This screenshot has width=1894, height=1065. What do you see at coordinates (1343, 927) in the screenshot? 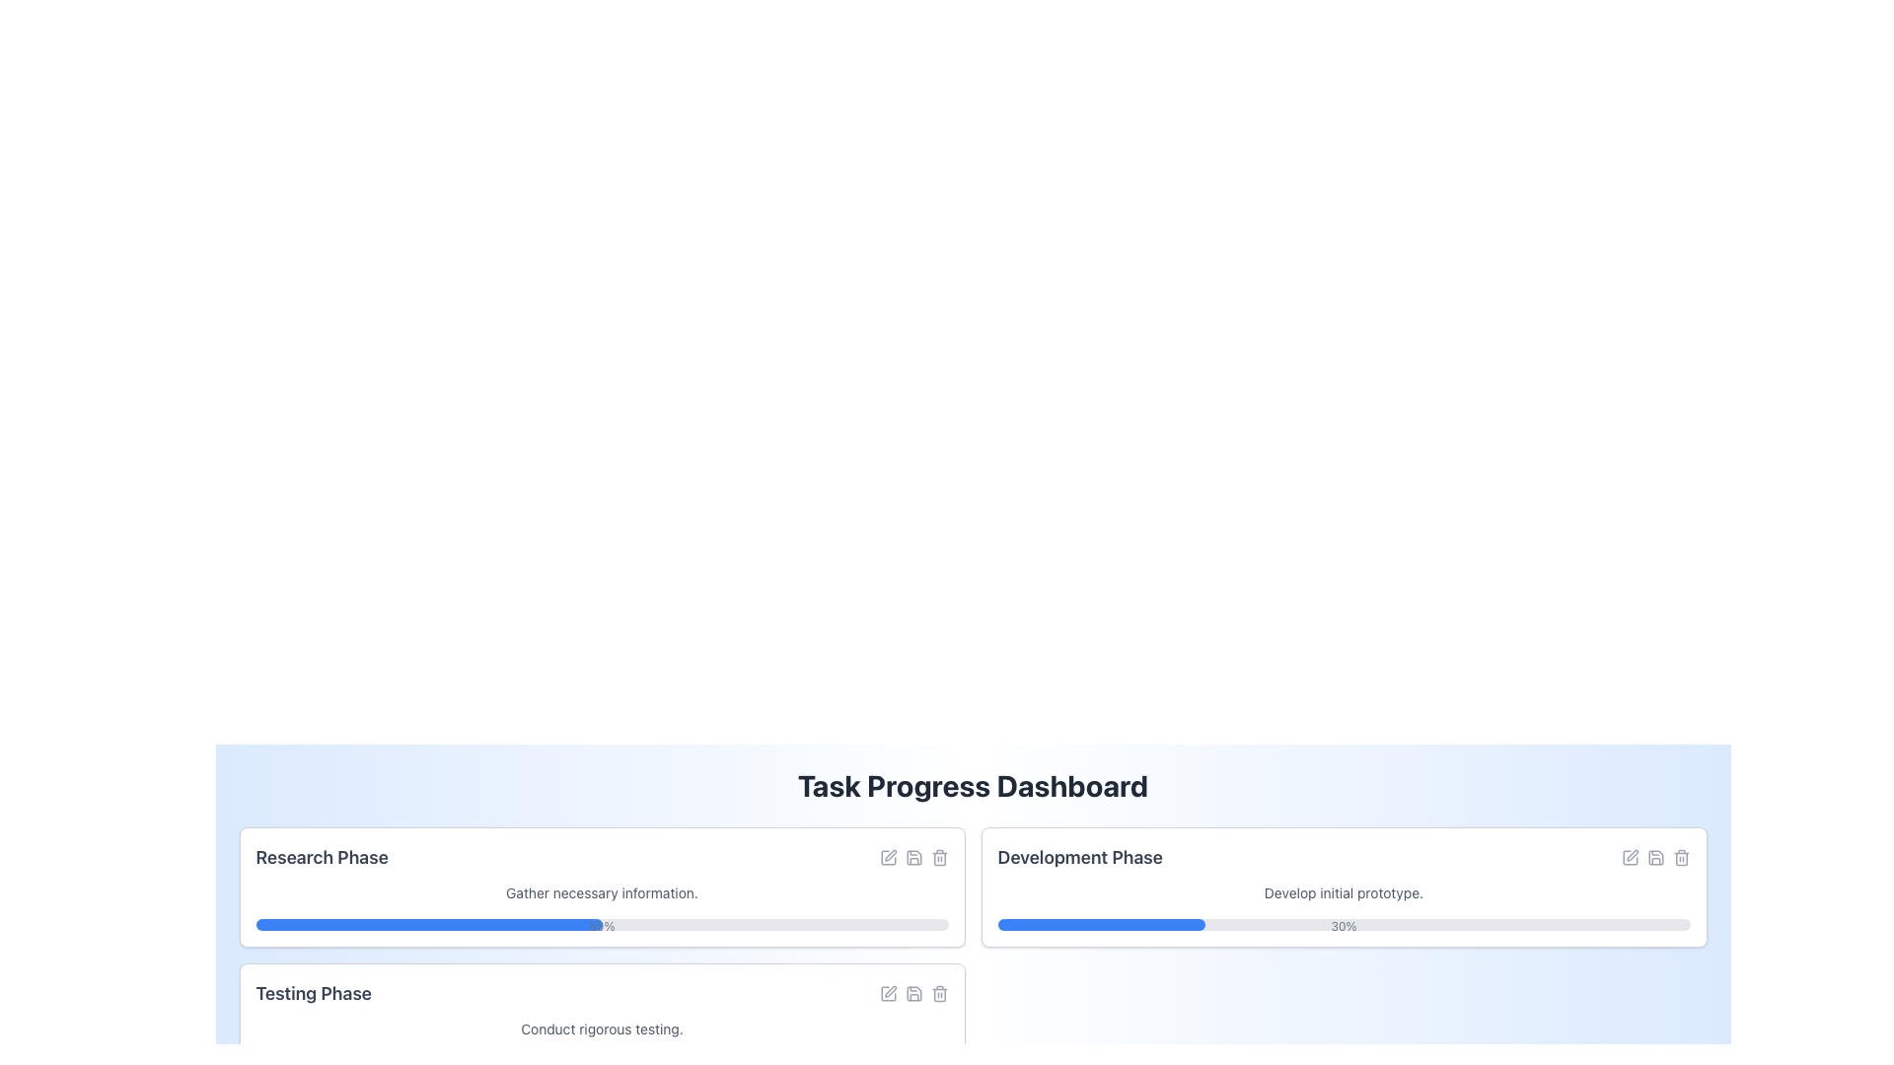
I see `text label displaying '30%' which is centered above the progress bar for the 'Development Phase' task` at bounding box center [1343, 927].